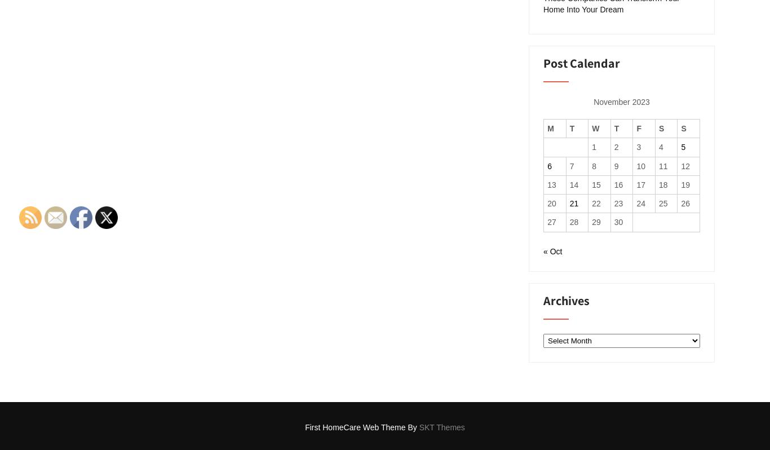 The height and width of the screenshot is (450, 770). Describe the element at coordinates (551, 184) in the screenshot. I see `'13'` at that location.